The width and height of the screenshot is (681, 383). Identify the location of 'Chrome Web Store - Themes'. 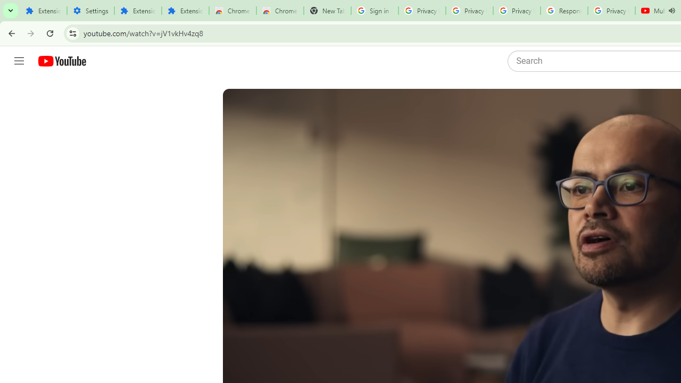
(280, 11).